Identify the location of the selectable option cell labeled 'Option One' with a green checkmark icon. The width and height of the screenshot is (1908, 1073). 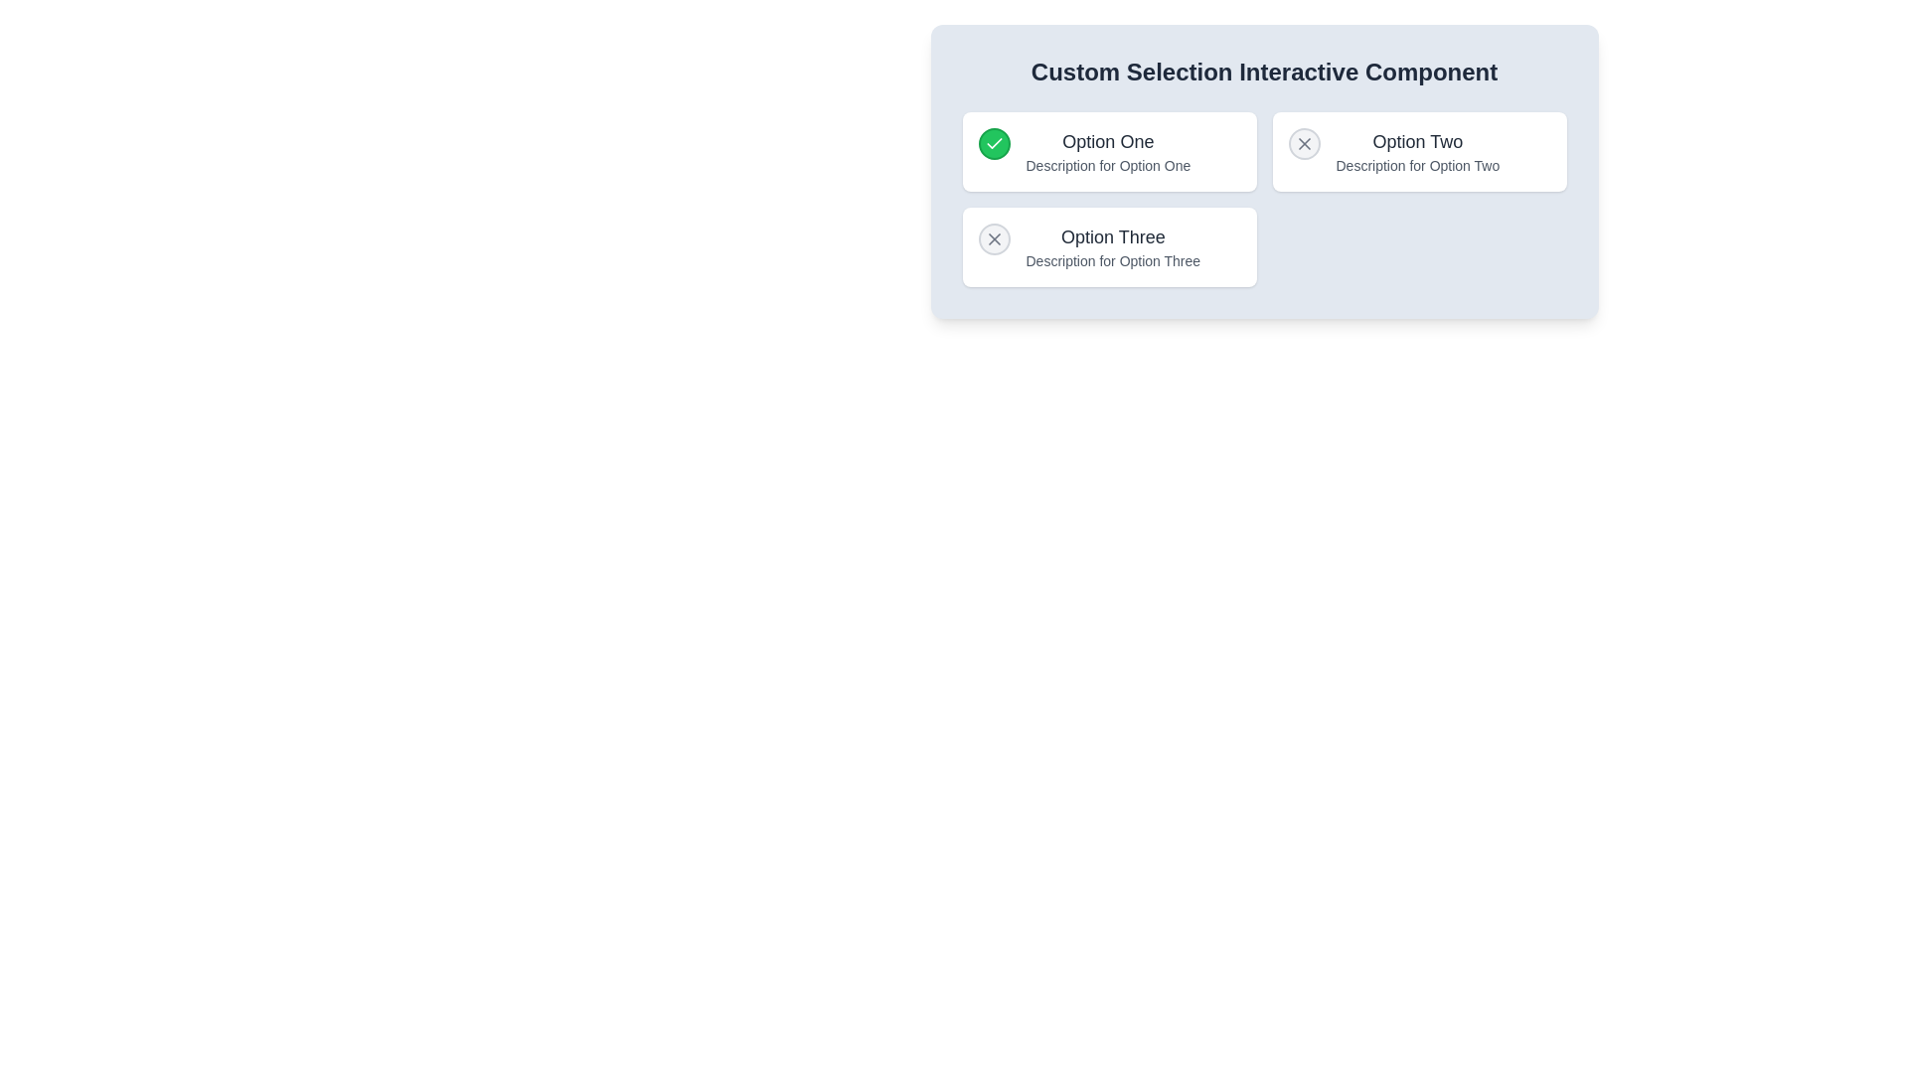
(1108, 151).